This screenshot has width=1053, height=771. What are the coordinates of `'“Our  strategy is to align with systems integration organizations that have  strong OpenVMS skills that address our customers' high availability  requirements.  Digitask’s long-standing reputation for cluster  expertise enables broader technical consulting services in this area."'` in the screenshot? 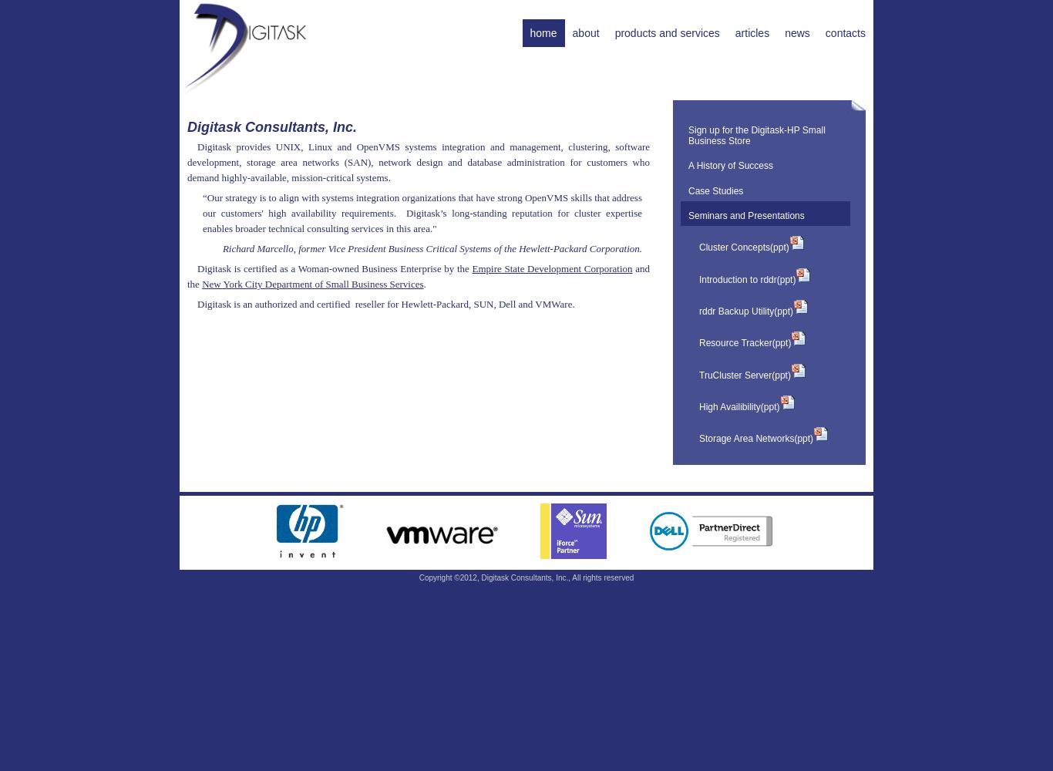 It's located at (422, 212).